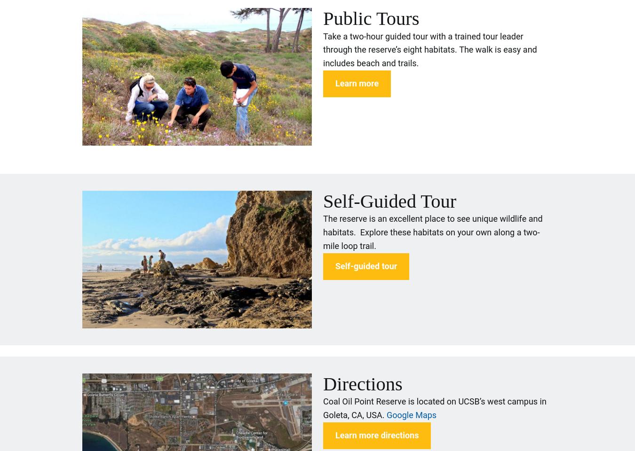 The width and height of the screenshot is (635, 451). What do you see at coordinates (356, 82) in the screenshot?
I see `'Learn more'` at bounding box center [356, 82].